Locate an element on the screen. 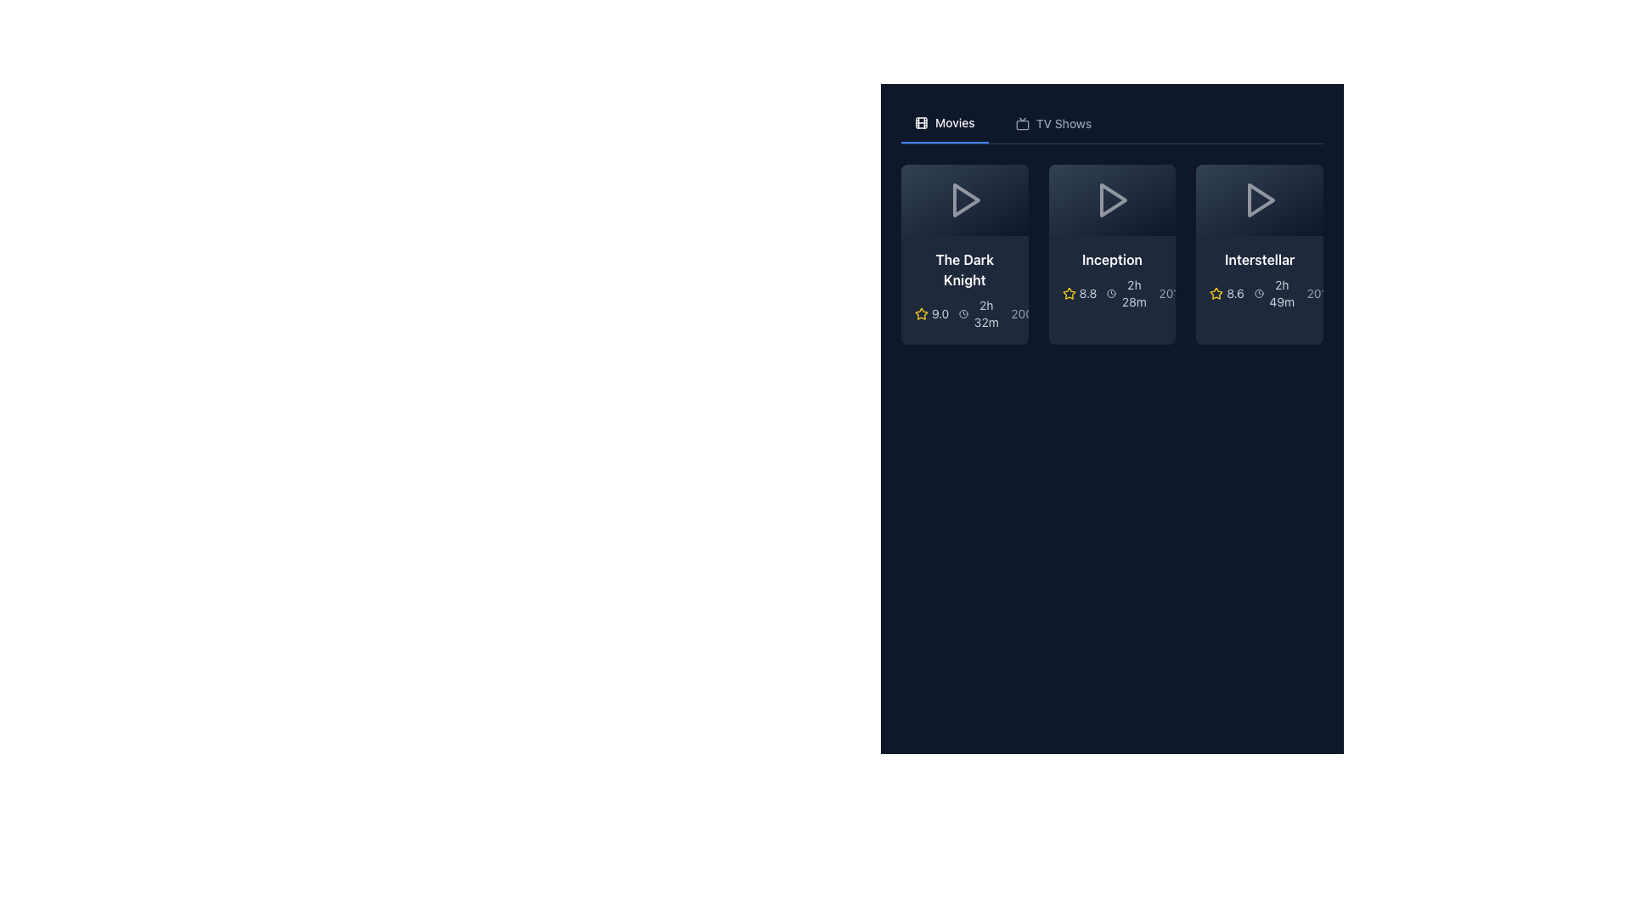  the informational grouping of text and icons related to the movie 'Interstellar', which displays the rating '8.6', a star icon, the duration '2h 49m', and the release year '2014' is located at coordinates (1260, 293).